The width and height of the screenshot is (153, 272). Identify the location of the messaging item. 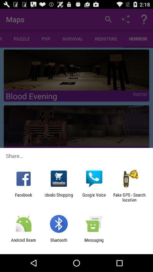
(94, 242).